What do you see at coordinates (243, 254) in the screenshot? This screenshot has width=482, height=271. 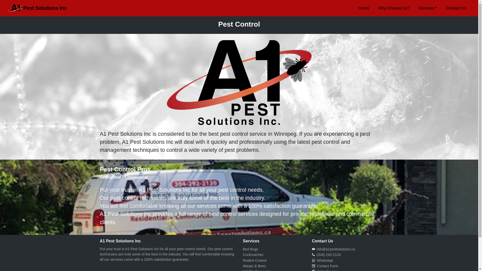 I see `'Cockroaches'` at bounding box center [243, 254].